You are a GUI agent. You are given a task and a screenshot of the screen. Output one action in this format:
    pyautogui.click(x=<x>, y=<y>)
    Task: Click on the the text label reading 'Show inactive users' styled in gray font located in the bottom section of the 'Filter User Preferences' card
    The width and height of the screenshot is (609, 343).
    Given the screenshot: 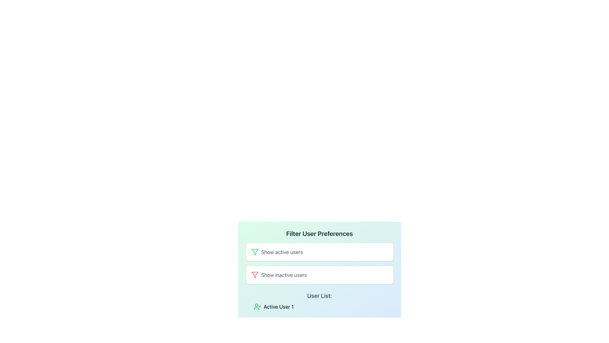 What is the action you would take?
    pyautogui.click(x=284, y=275)
    